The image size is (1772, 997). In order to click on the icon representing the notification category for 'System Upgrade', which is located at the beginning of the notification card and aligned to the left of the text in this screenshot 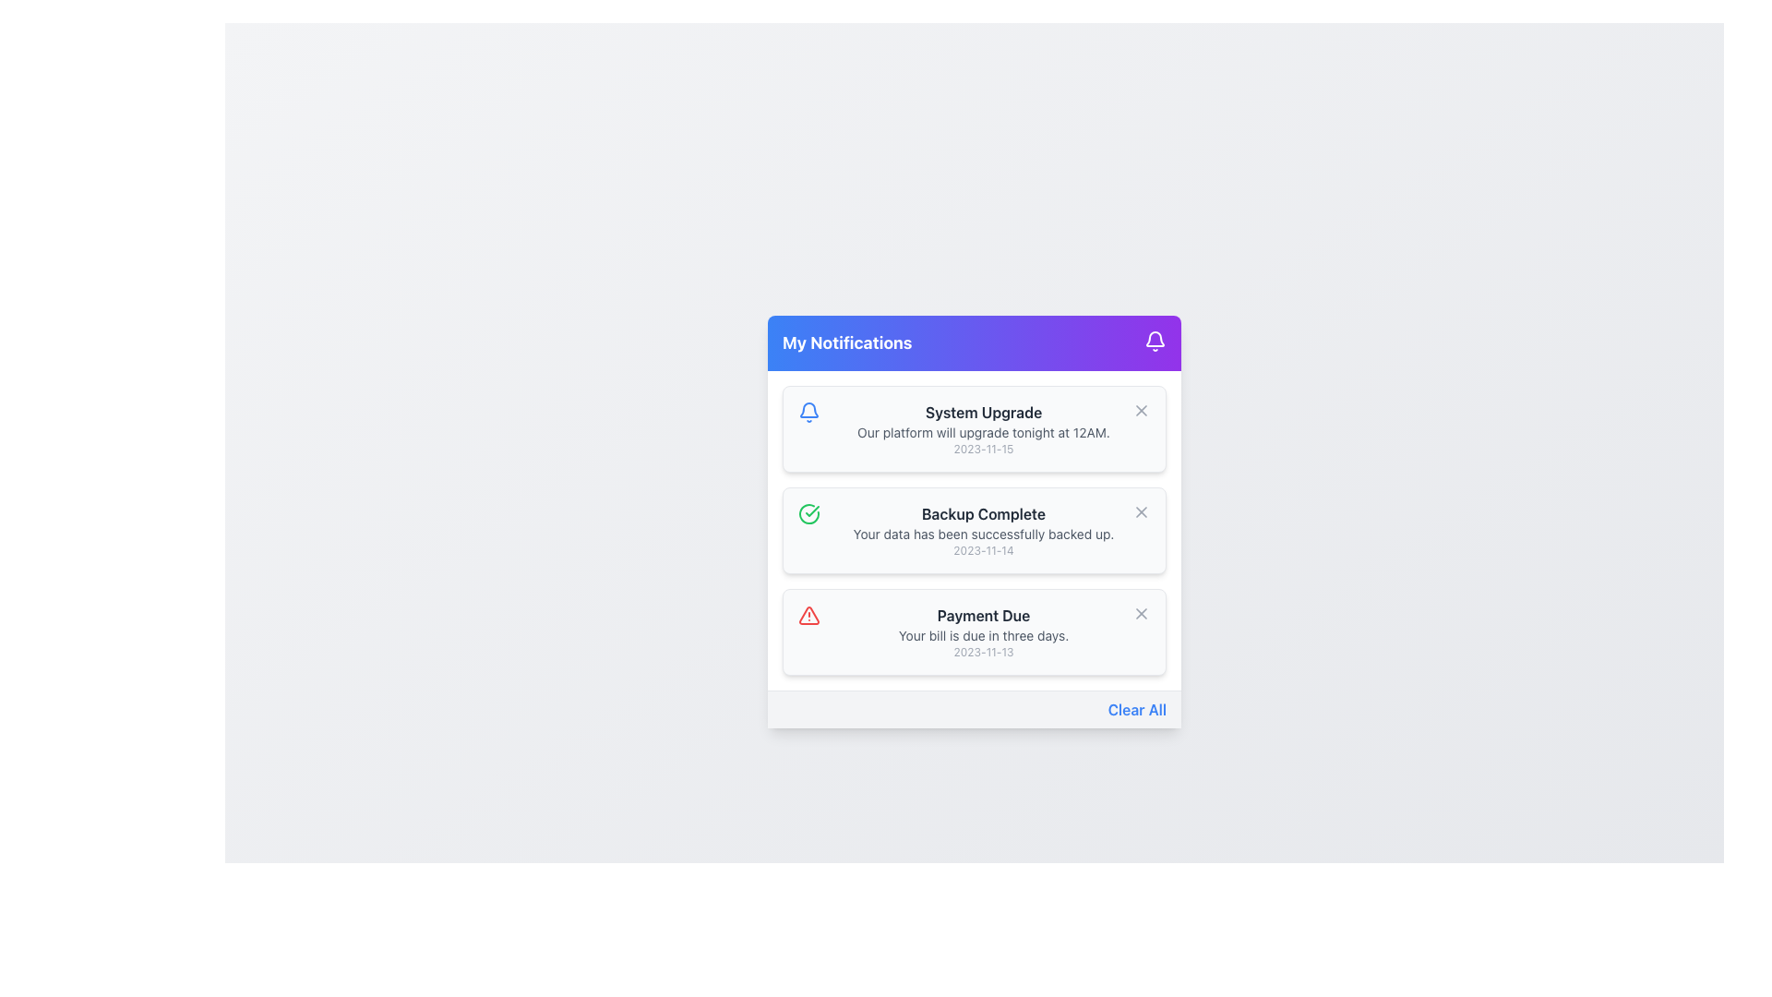, I will do `click(809, 411)`.